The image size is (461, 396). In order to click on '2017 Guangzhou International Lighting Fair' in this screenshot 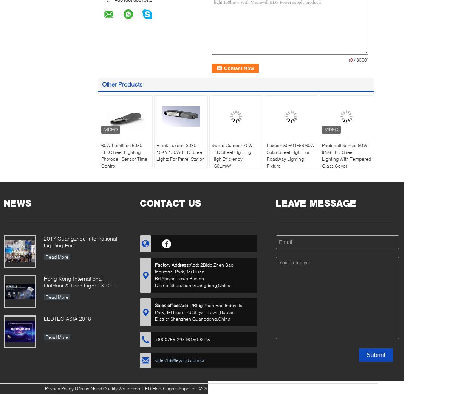, I will do `click(80, 241)`.